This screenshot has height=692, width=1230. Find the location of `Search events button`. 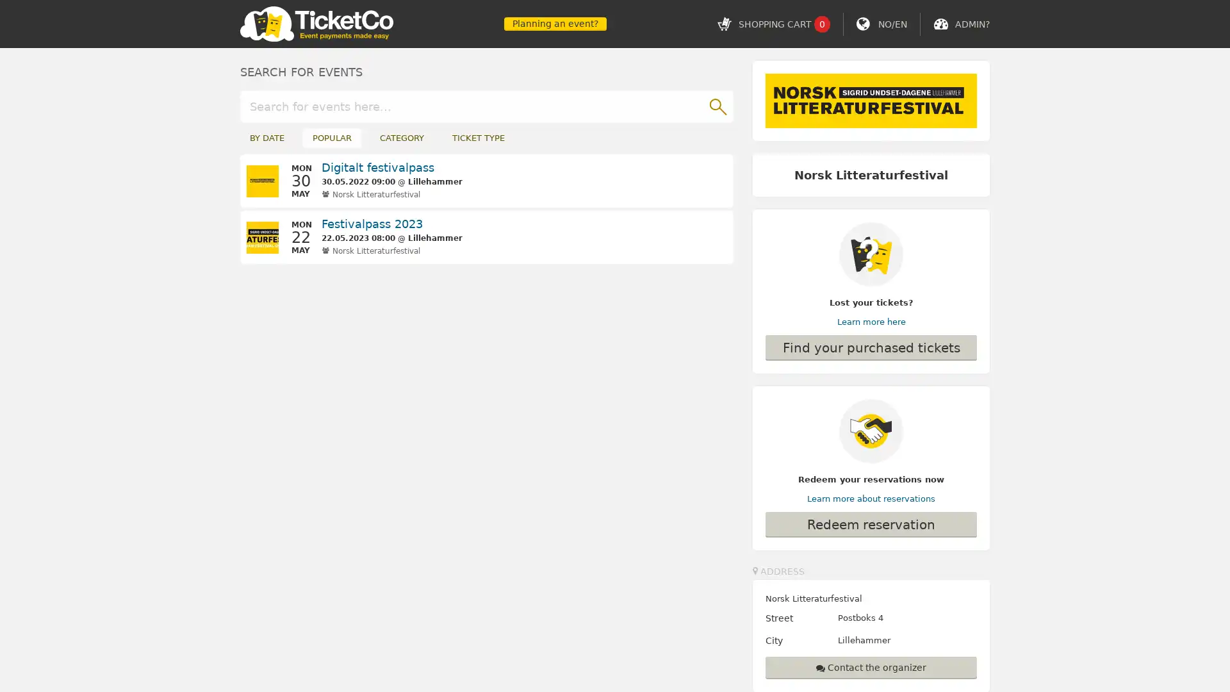

Search events button is located at coordinates (716, 105).